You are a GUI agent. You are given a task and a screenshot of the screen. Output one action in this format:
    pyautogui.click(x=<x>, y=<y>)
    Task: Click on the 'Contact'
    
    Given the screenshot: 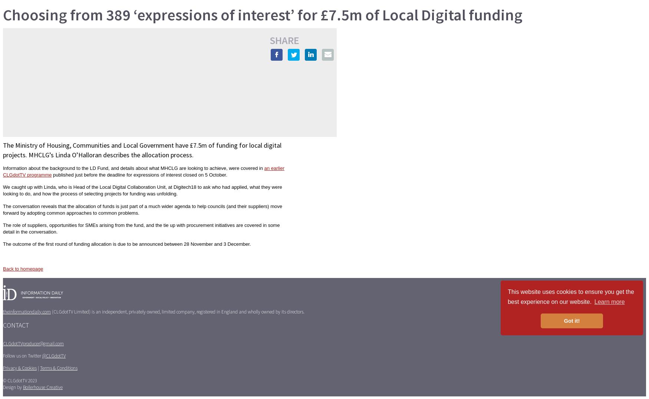 What is the action you would take?
    pyautogui.click(x=16, y=325)
    